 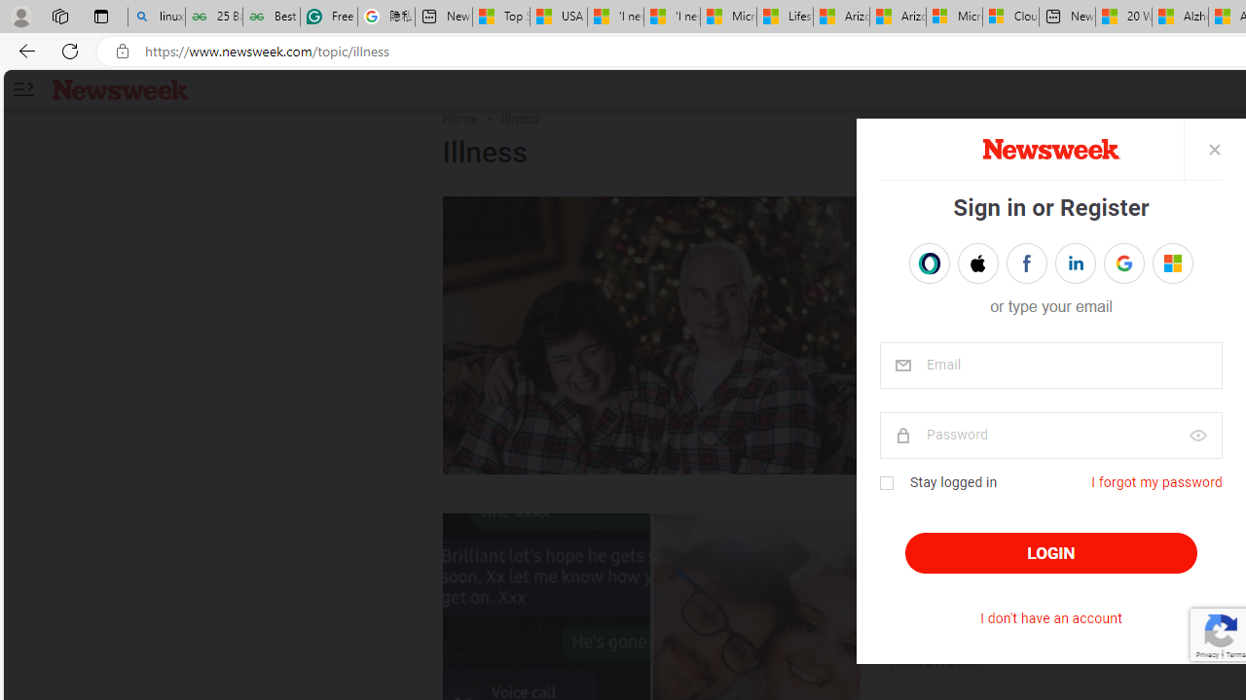 What do you see at coordinates (558, 17) in the screenshot?
I see `'USA TODAY - MSN'` at bounding box center [558, 17].